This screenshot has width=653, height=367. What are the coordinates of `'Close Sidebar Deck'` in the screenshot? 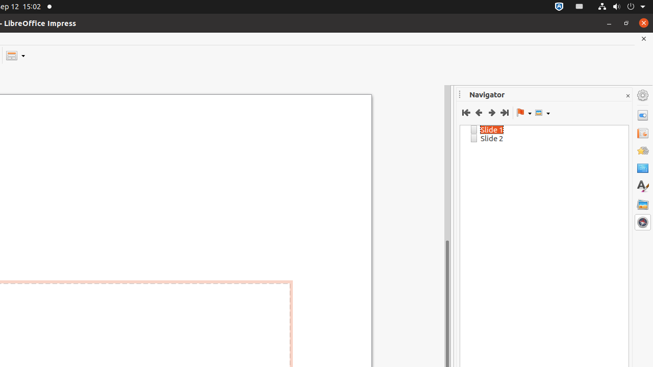 It's located at (627, 96).